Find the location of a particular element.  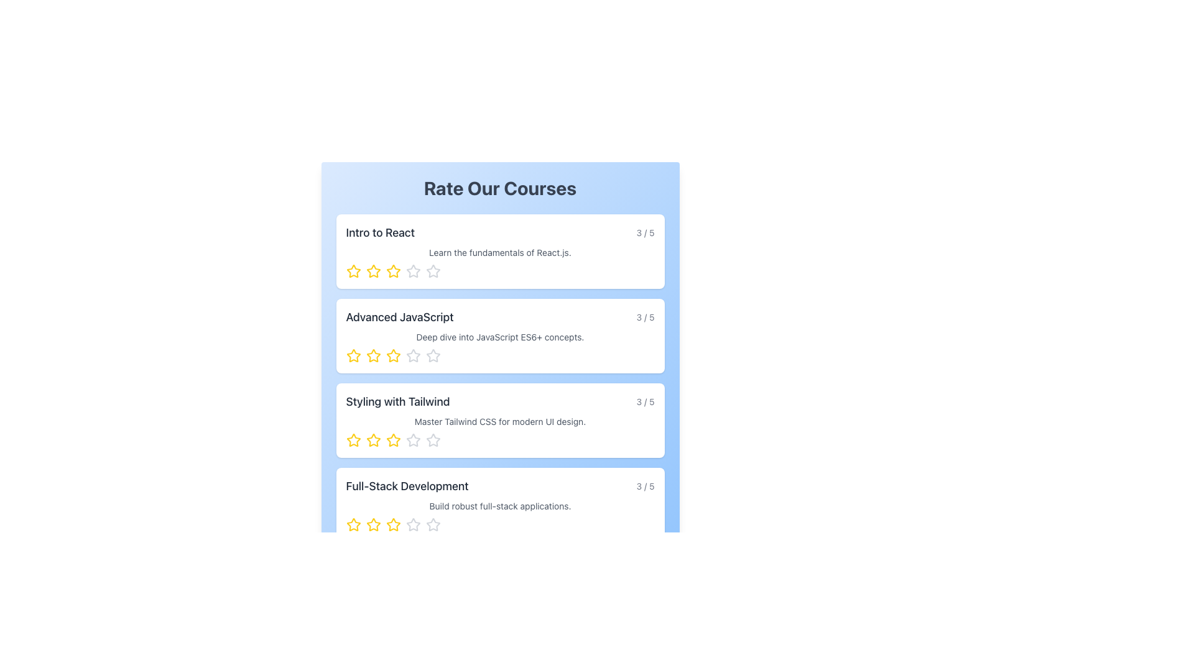

the second filled star in the 5-star rating system for the 'Full-Stack Development' course is located at coordinates (373, 524).